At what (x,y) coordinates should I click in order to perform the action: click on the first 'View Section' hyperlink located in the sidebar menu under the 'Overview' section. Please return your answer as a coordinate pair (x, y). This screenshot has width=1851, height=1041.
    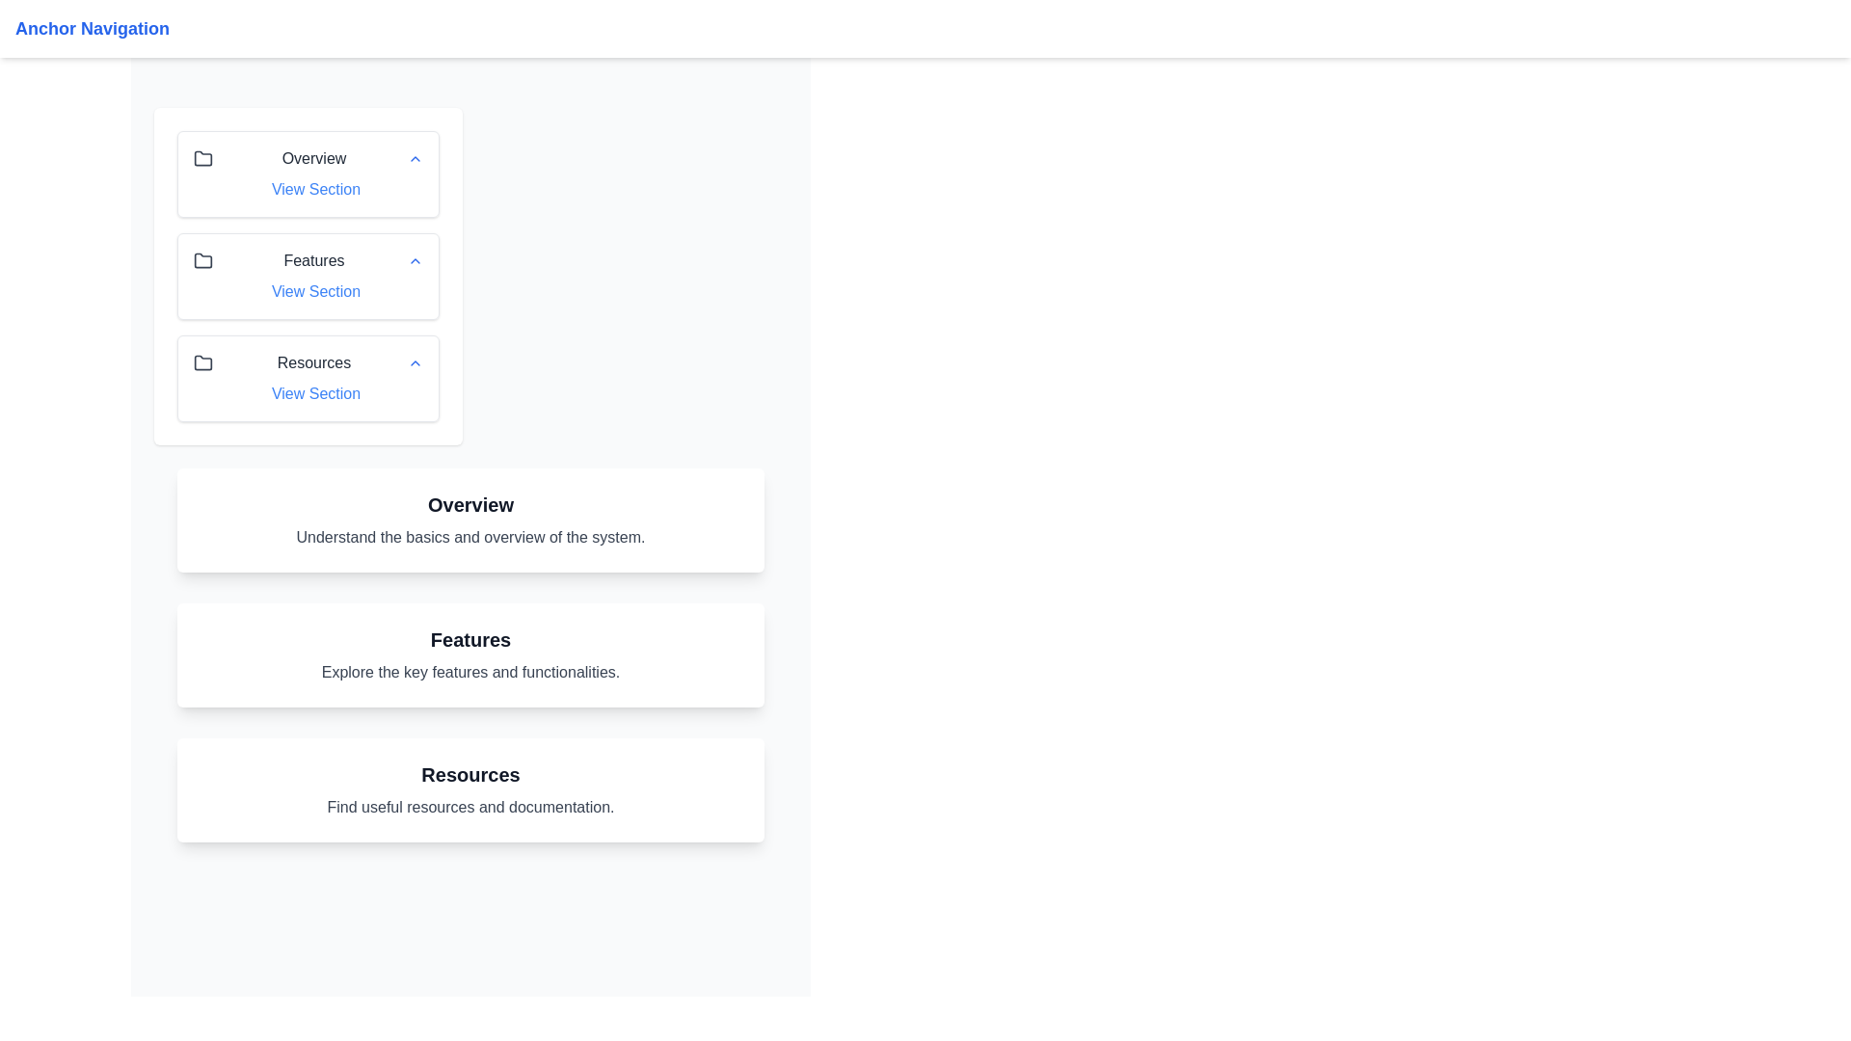
    Looking at the image, I should click on (315, 189).